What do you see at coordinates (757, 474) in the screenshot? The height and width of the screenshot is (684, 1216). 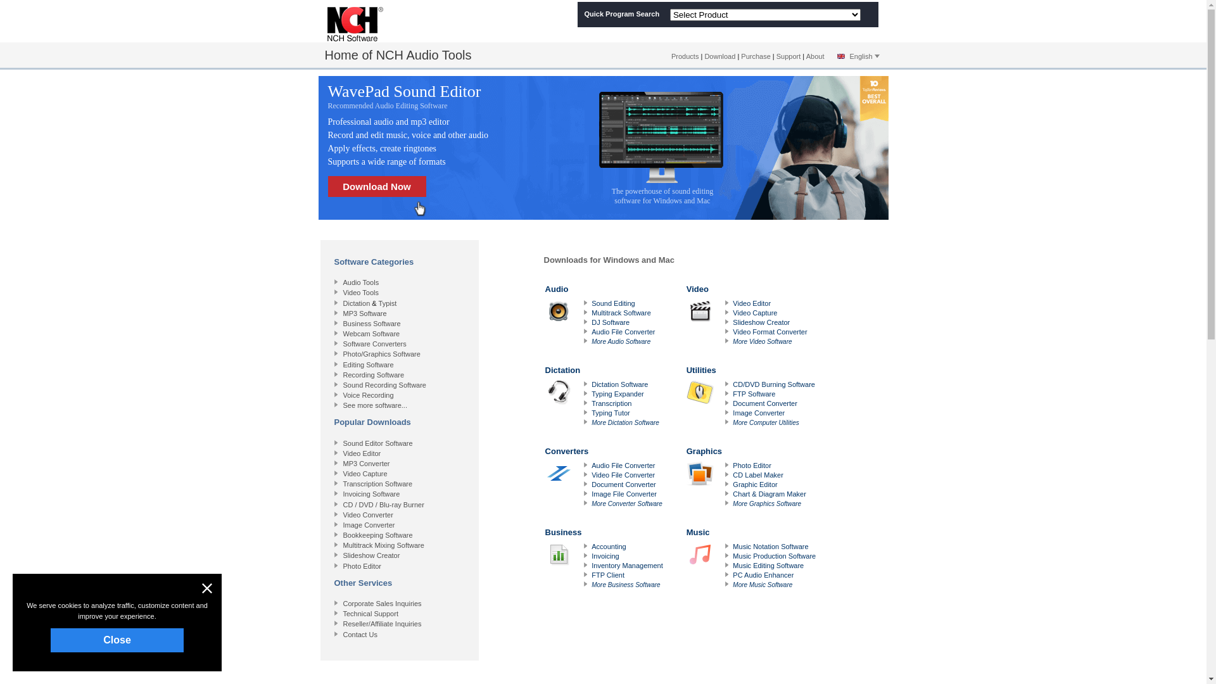 I see `'CD Label Maker'` at bounding box center [757, 474].